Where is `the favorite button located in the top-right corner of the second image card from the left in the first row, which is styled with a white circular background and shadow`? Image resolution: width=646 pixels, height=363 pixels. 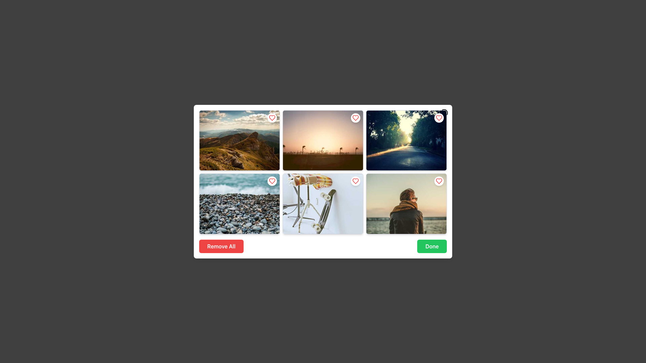
the favorite button located in the top-right corner of the second image card from the left in the first row, which is styled with a white circular background and shadow is located at coordinates (355, 117).